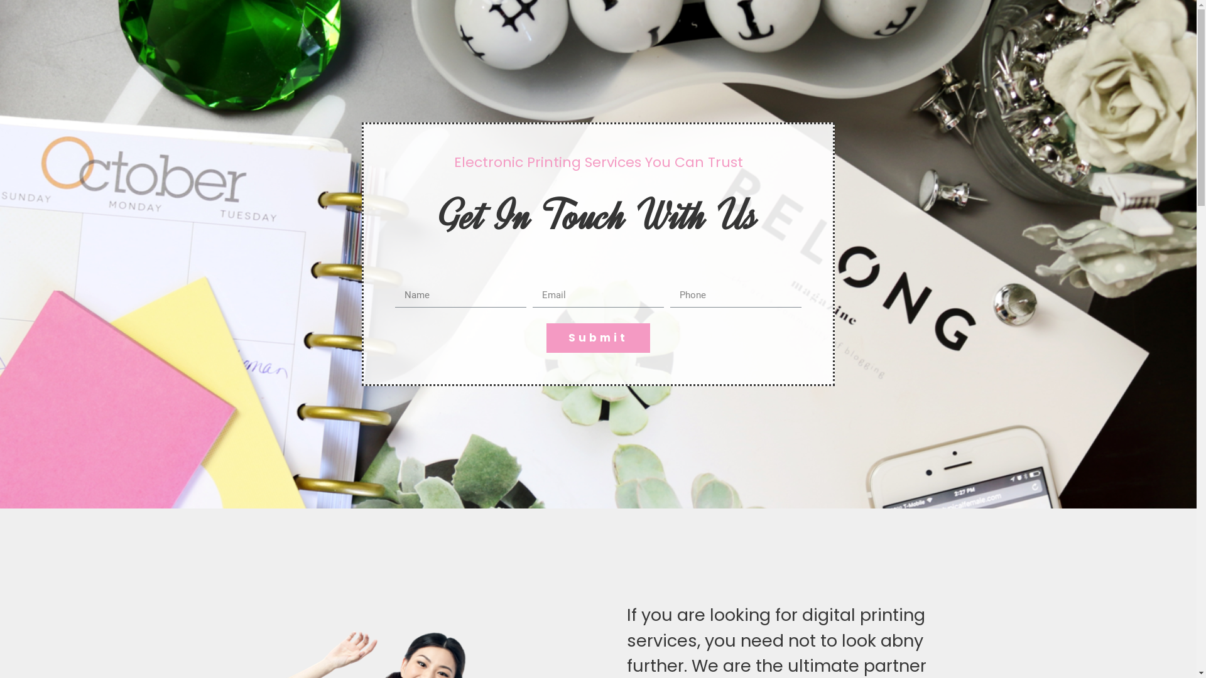 The height and width of the screenshot is (678, 1206). What do you see at coordinates (597, 337) in the screenshot?
I see `'Submit'` at bounding box center [597, 337].